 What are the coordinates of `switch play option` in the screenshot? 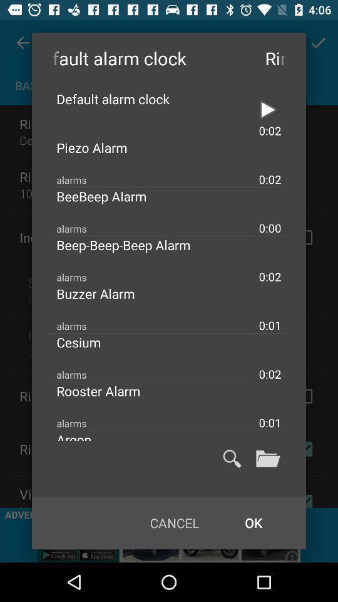 It's located at (267, 109).